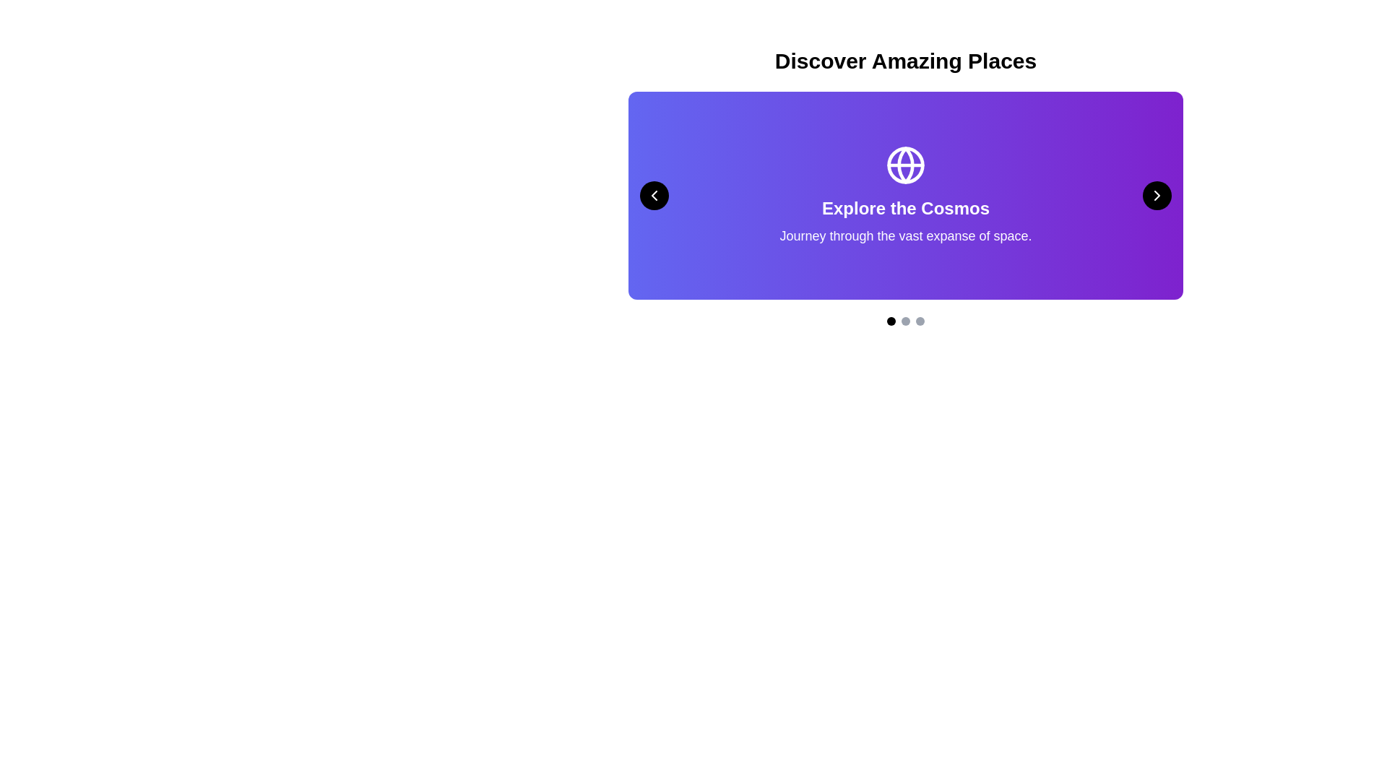 Image resolution: width=1387 pixels, height=780 pixels. What do you see at coordinates (904, 164) in the screenshot?
I see `the decorative globe icon at the center-top of the 'Explore the Cosmos' card in the horizontal carousel` at bounding box center [904, 164].